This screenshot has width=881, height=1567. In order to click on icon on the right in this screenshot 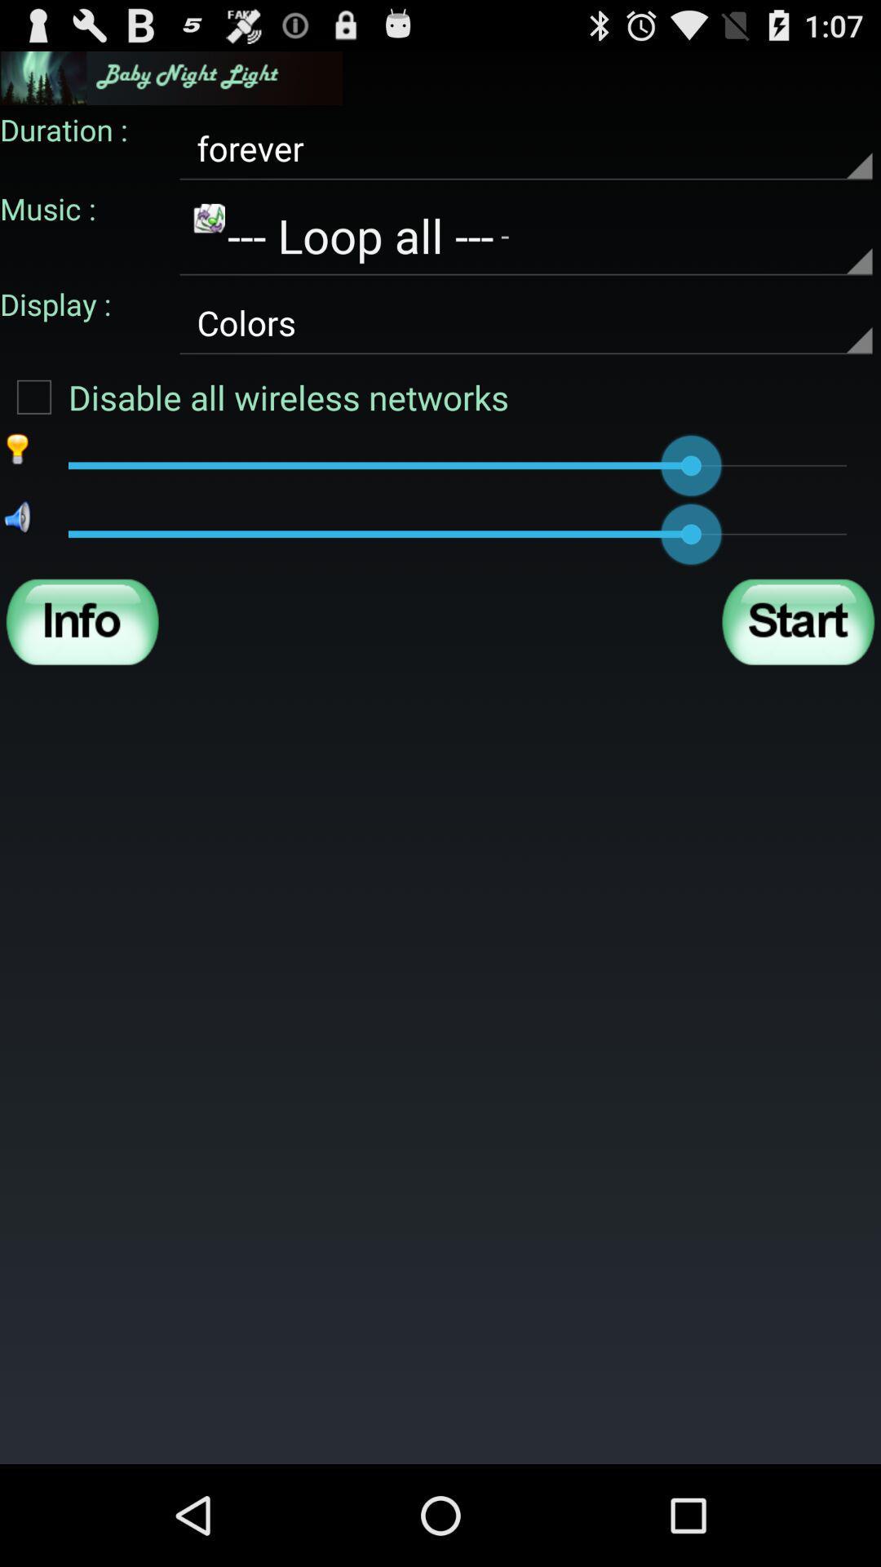, I will do `click(797, 621)`.